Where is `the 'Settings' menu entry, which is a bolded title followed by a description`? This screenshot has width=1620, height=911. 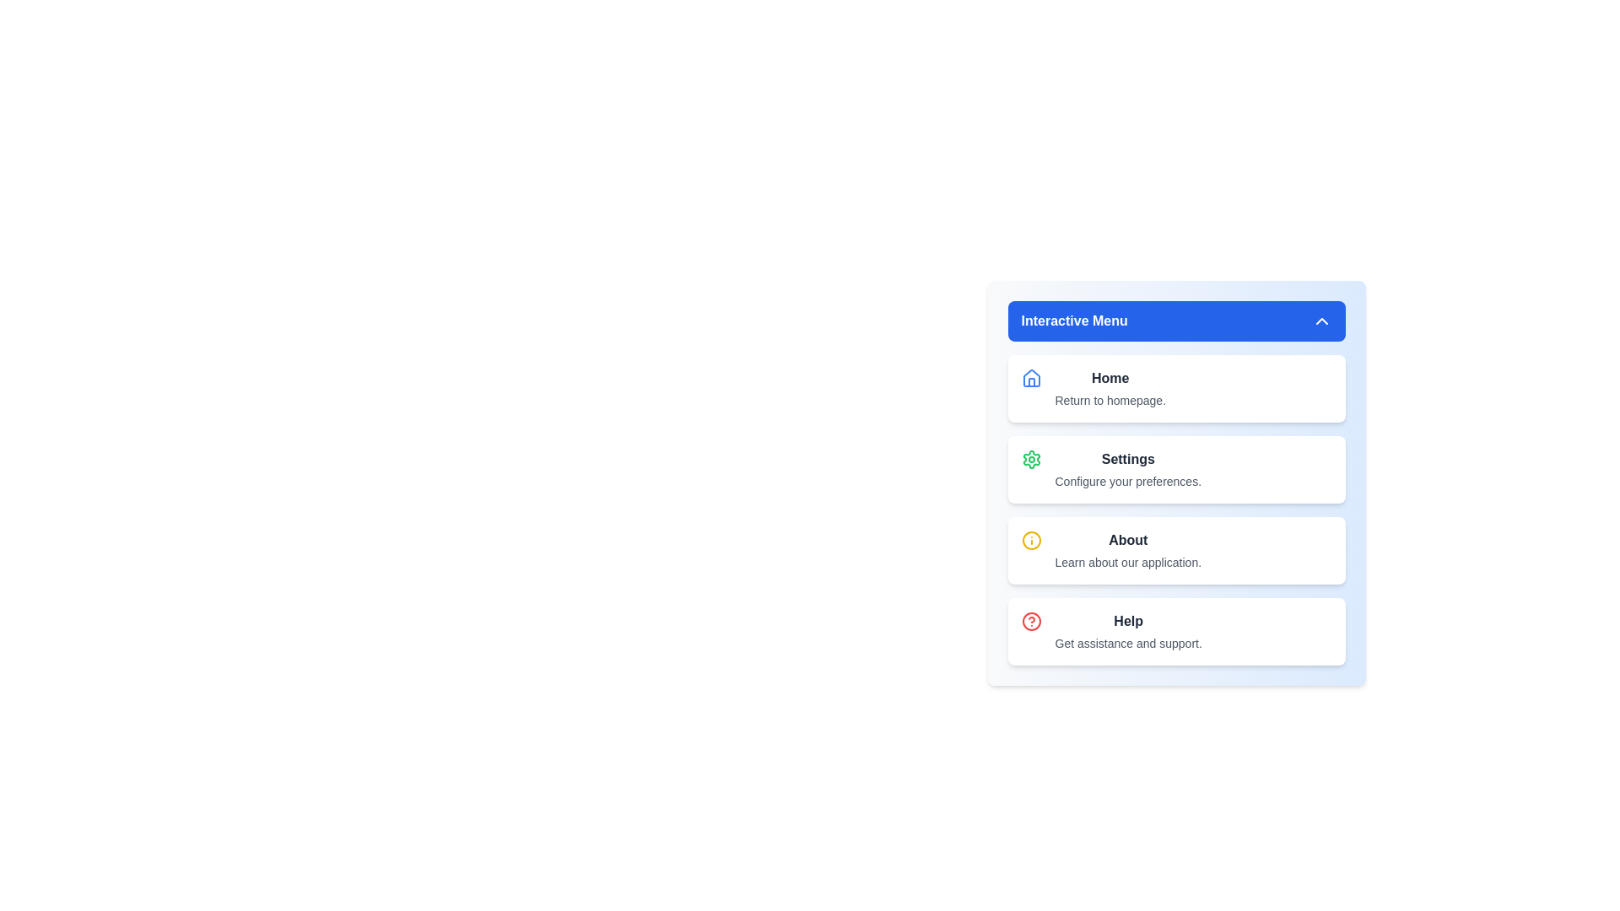 the 'Settings' menu entry, which is a bolded title followed by a description is located at coordinates (1128, 469).